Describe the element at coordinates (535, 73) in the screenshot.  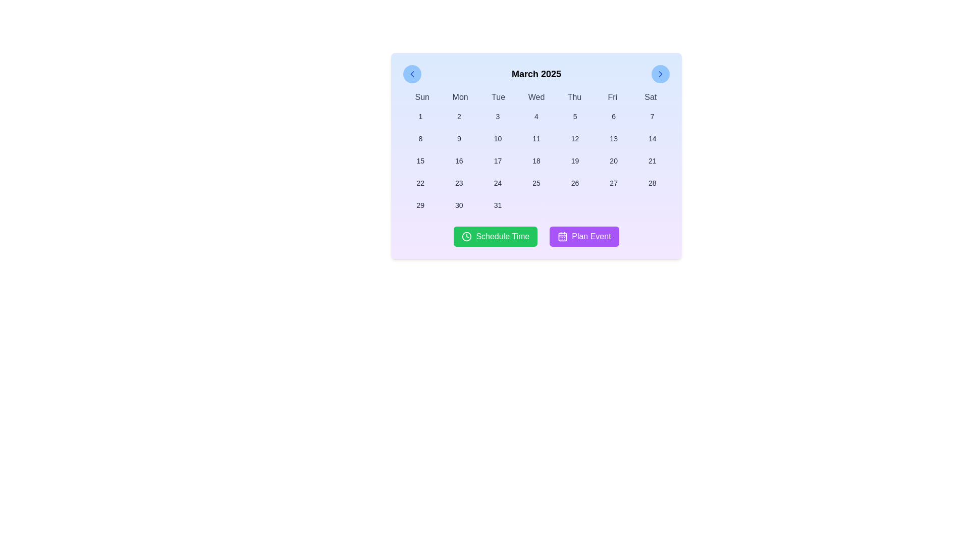
I see `the text label displaying 'March 2025', which is a bold header centered at the top of the calendar interface` at that location.